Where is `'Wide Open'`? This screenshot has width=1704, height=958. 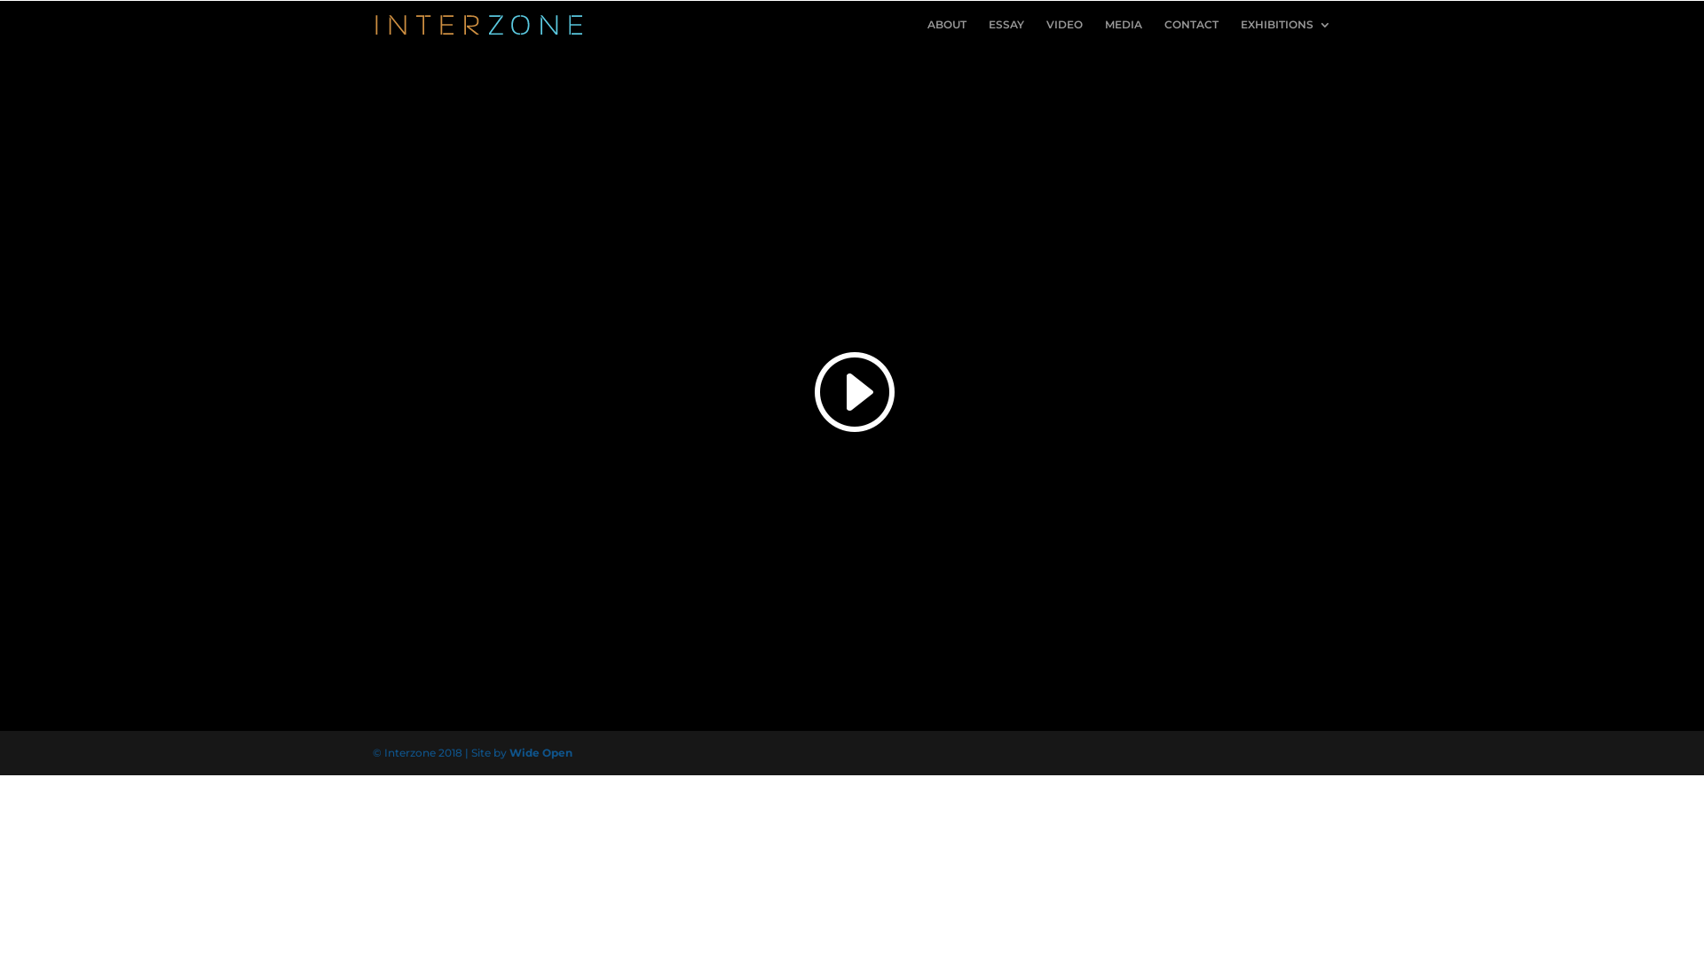 'Wide Open' is located at coordinates (540, 752).